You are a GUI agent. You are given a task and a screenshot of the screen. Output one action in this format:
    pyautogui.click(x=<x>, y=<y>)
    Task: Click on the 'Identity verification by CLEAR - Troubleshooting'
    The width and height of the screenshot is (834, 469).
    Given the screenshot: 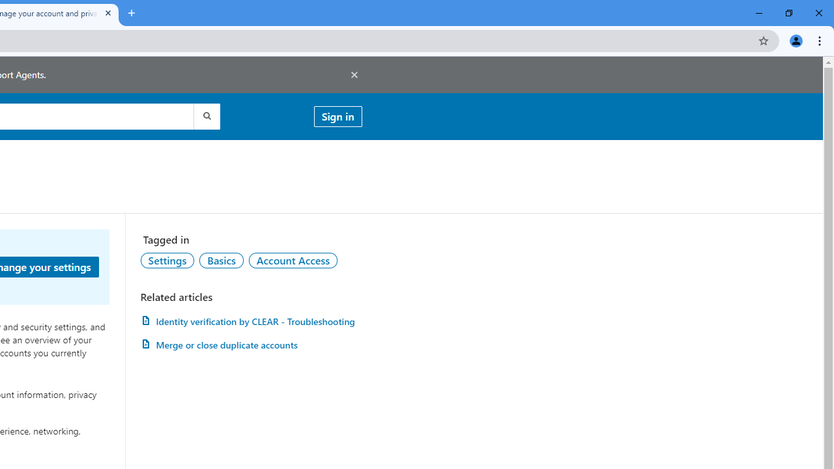 What is the action you would take?
    pyautogui.click(x=251, y=321)
    